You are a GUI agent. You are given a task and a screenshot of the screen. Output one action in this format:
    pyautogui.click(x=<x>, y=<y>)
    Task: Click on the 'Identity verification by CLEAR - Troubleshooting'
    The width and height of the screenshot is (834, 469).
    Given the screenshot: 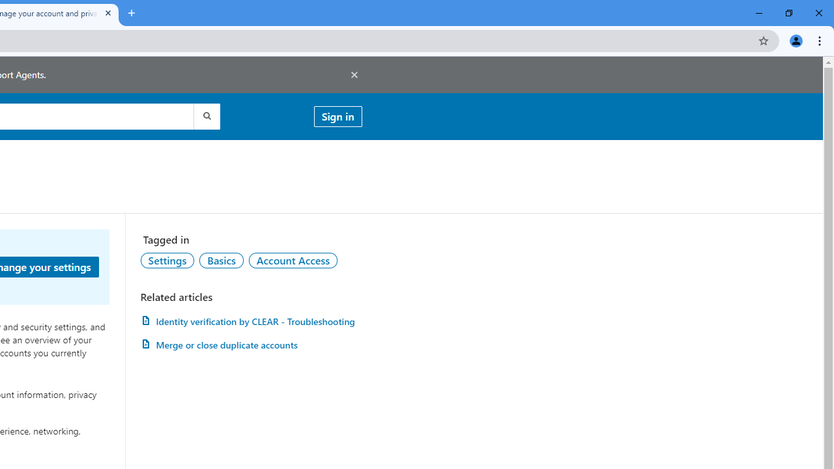 What is the action you would take?
    pyautogui.click(x=251, y=321)
    